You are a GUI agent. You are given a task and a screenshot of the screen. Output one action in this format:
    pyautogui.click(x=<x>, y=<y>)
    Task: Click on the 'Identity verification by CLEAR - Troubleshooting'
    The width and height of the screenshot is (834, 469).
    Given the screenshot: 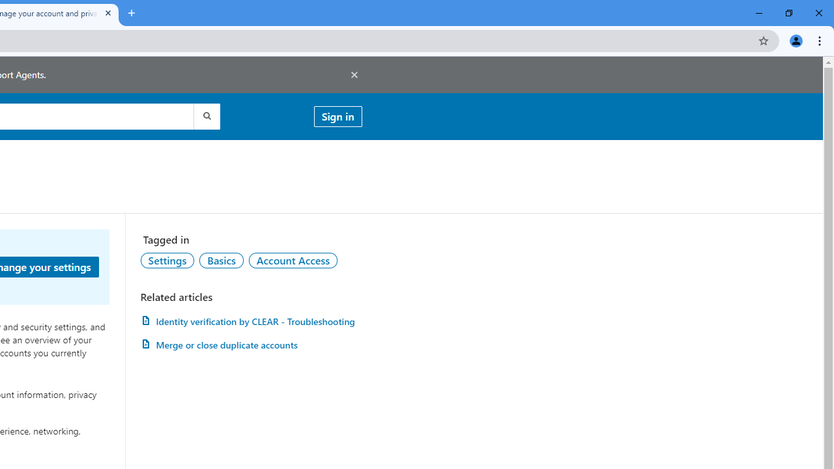 What is the action you would take?
    pyautogui.click(x=251, y=321)
    